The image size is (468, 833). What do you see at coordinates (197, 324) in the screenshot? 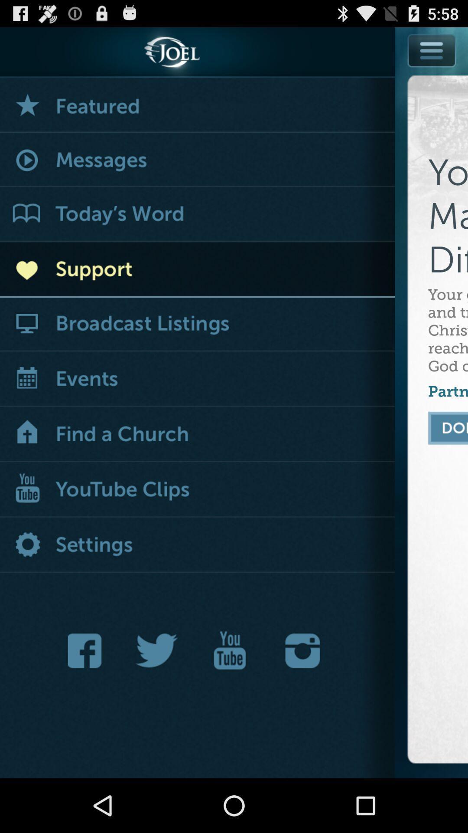
I see `broadcast the listings` at bounding box center [197, 324].